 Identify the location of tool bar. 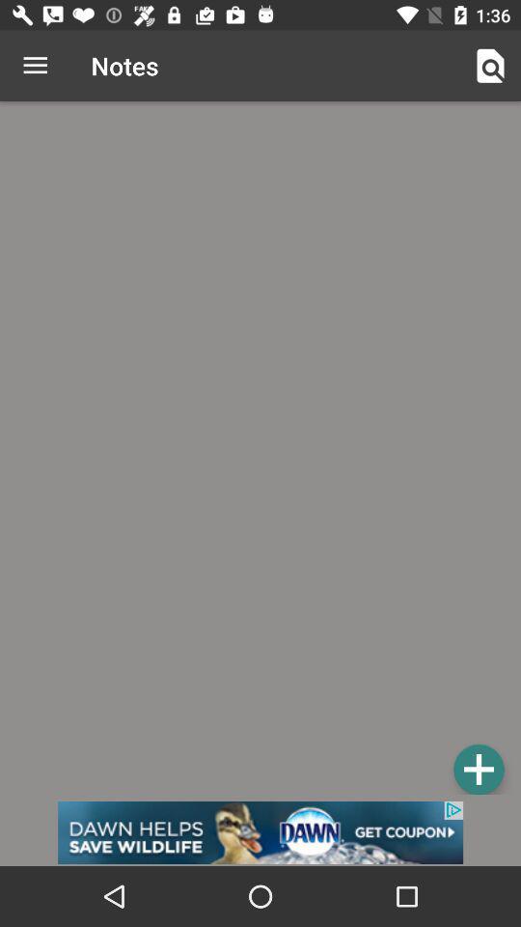
(478, 769).